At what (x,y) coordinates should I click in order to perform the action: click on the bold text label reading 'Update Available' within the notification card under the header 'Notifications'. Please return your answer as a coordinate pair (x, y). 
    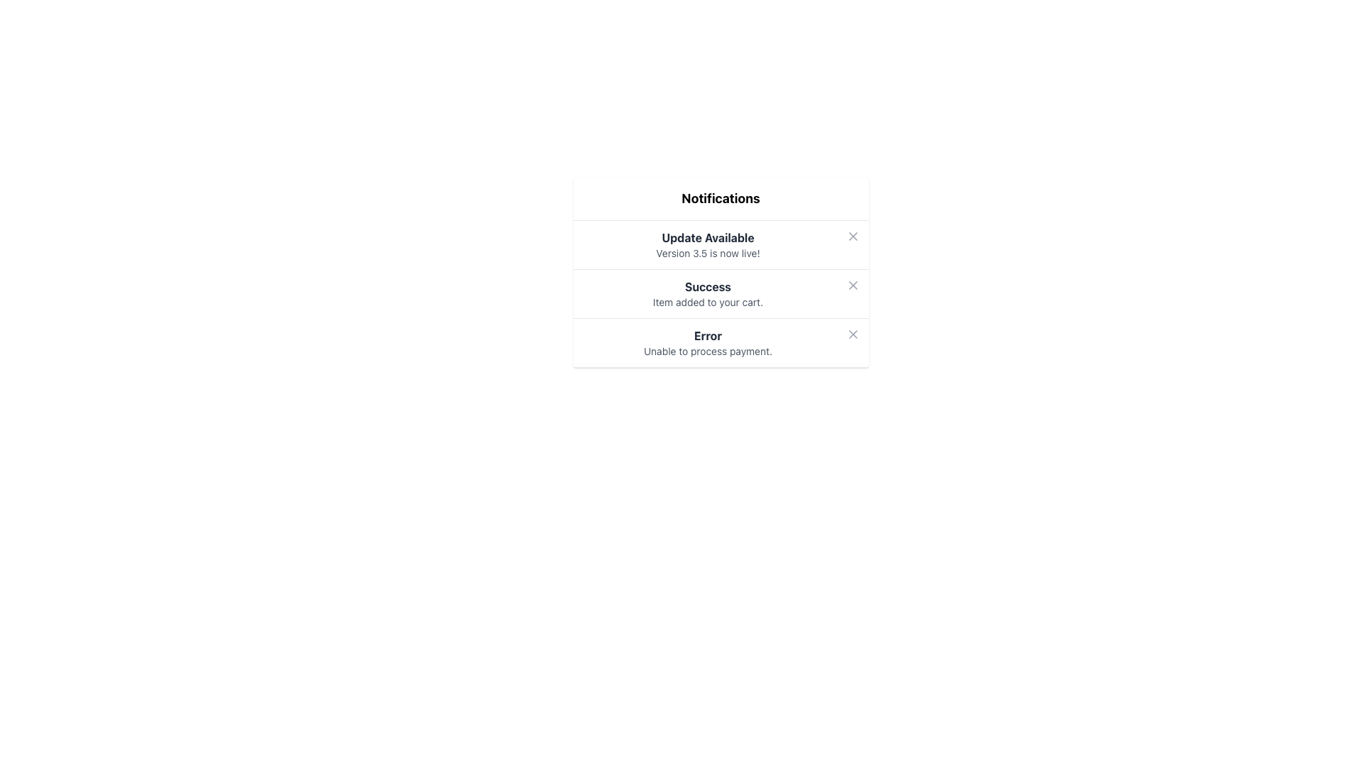
    Looking at the image, I should click on (708, 237).